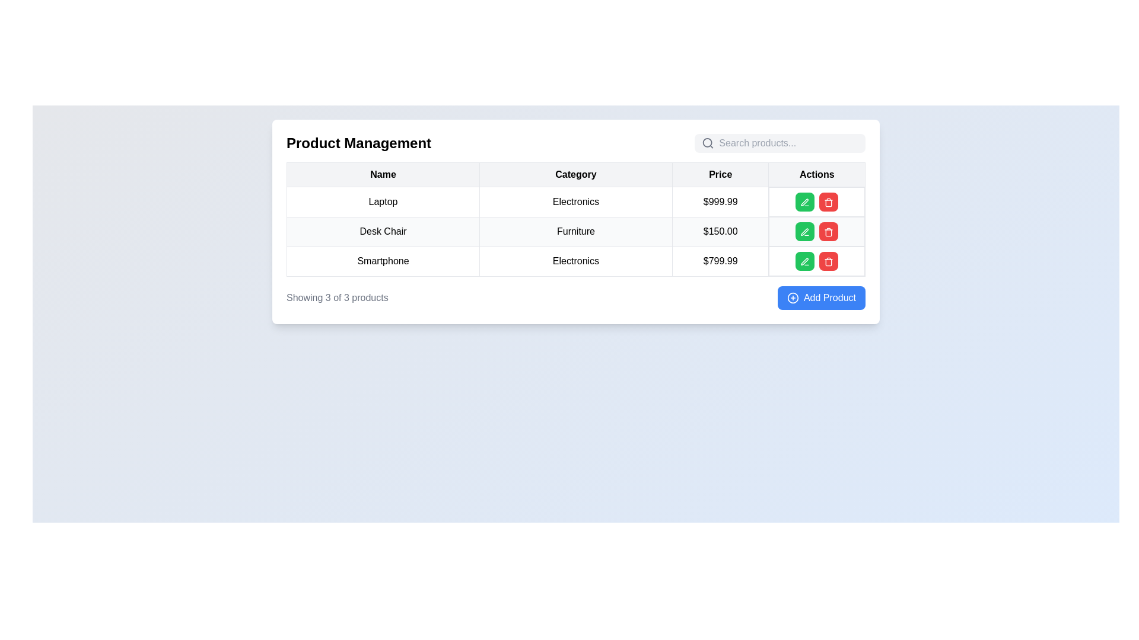 This screenshot has height=640, width=1139. Describe the element at coordinates (805, 260) in the screenshot. I see `the green rounded rectangle-shaped edit button with a white pen icon located in the third row of the table under the 'Actions' column` at that location.